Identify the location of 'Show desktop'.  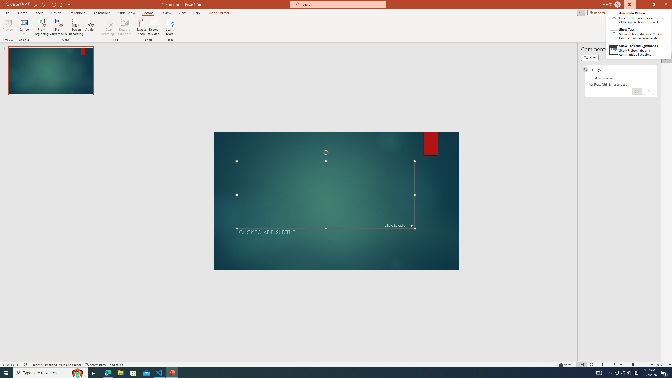
(671, 372).